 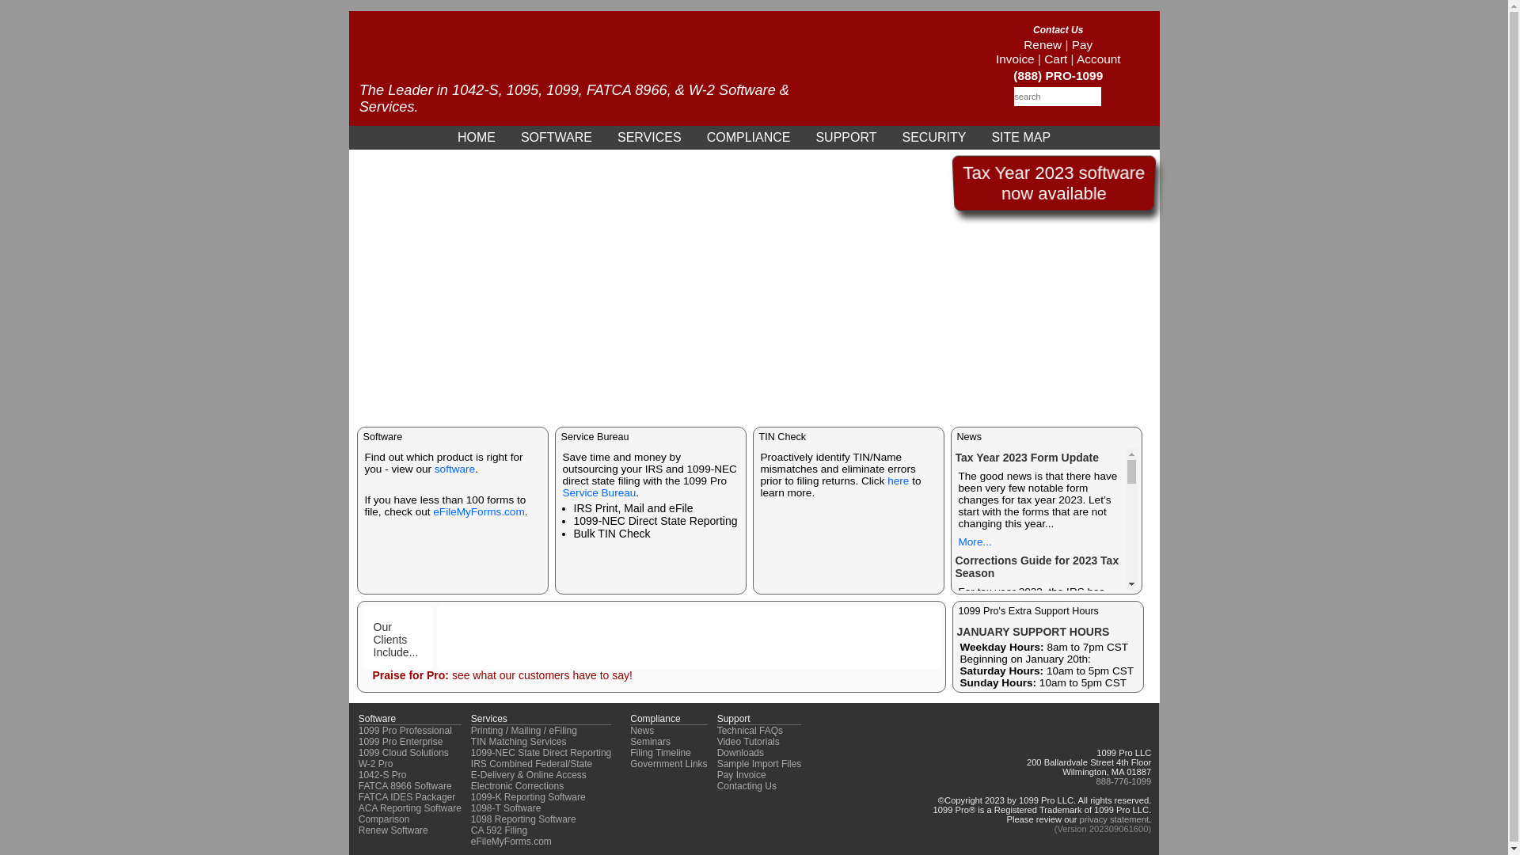 I want to click on 'Seminars', so click(x=650, y=742).